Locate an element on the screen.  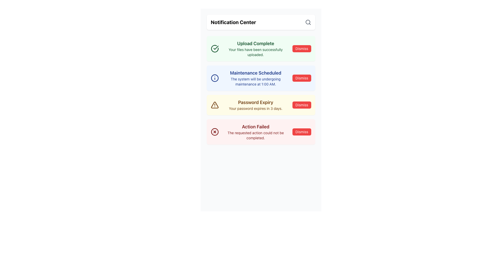
notification with the heading 'Password Expiry' and the message 'Your password expires in 3 days.' which is visually distinct with a yellow background, located in the third position of the notification center is located at coordinates (256, 105).